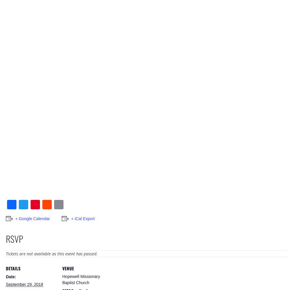 The width and height of the screenshot is (294, 290). What do you see at coordinates (24, 284) in the screenshot?
I see `'September 29, 2018'` at bounding box center [24, 284].